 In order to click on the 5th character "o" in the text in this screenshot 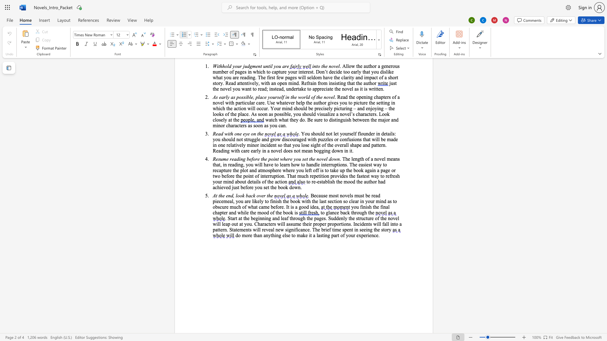, I will do `click(289, 212)`.